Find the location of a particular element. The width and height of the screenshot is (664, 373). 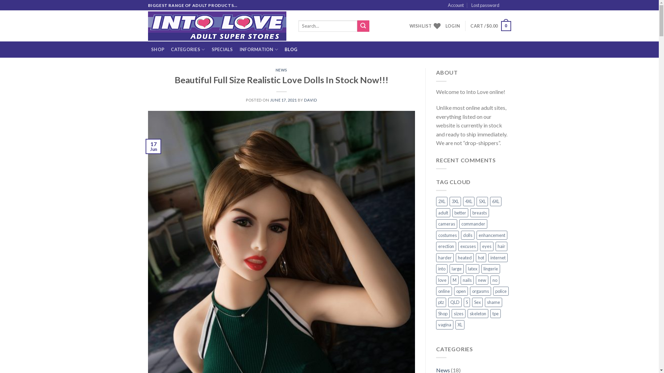

'CATEGORIES' is located at coordinates (188, 49).